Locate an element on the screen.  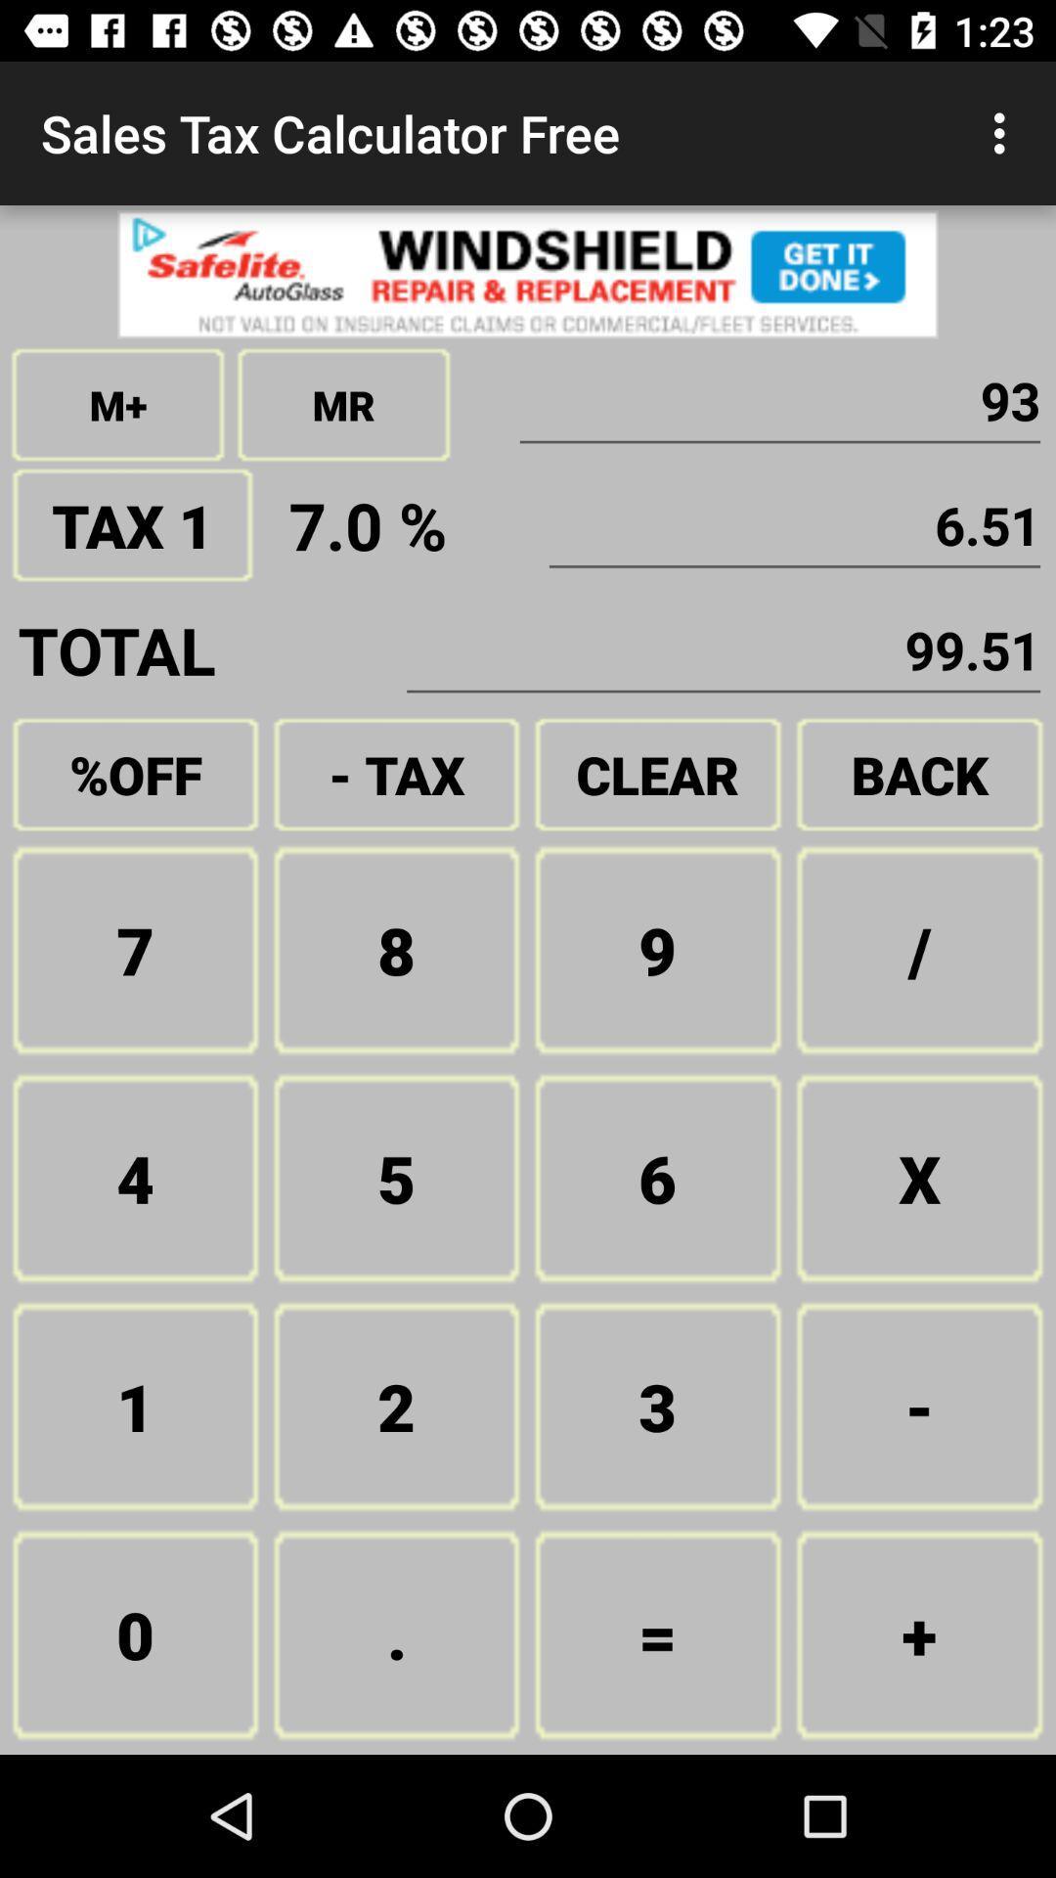
advertisement for windshield repair or replacement is located at coordinates (528, 273).